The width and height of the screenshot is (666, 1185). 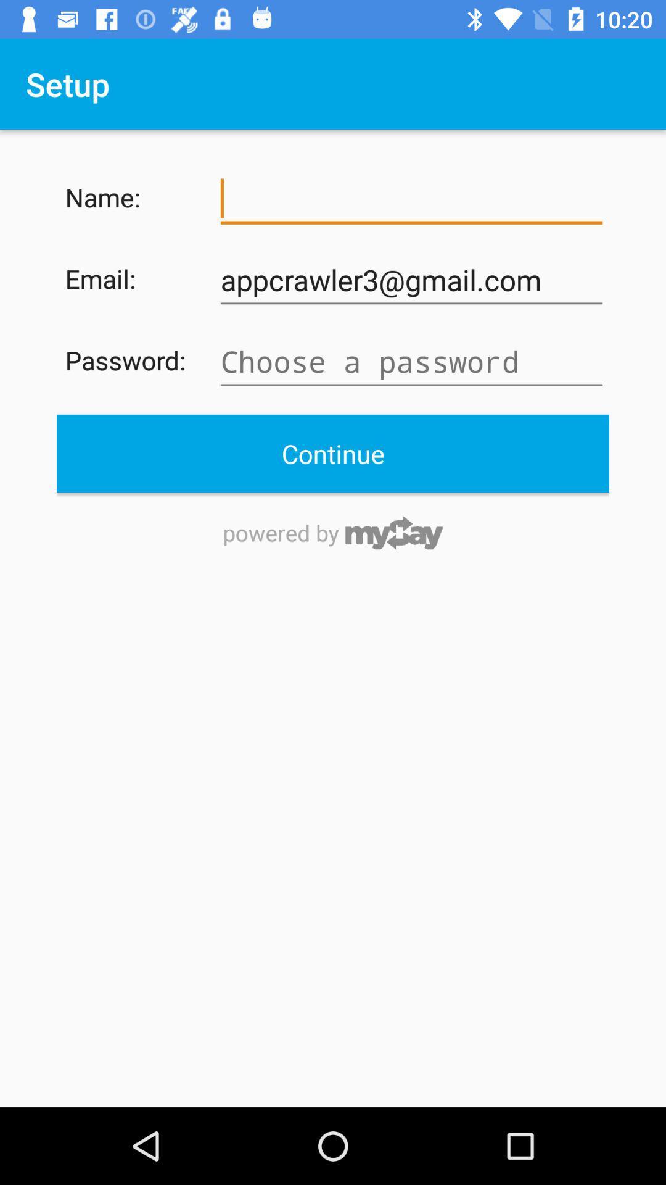 I want to click on item next to the name: icon, so click(x=411, y=199).